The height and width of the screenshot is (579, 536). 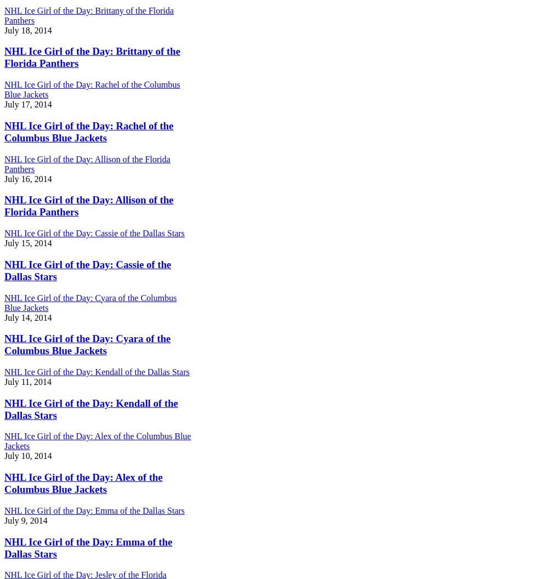 What do you see at coordinates (27, 381) in the screenshot?
I see `'July 11, 2014'` at bounding box center [27, 381].